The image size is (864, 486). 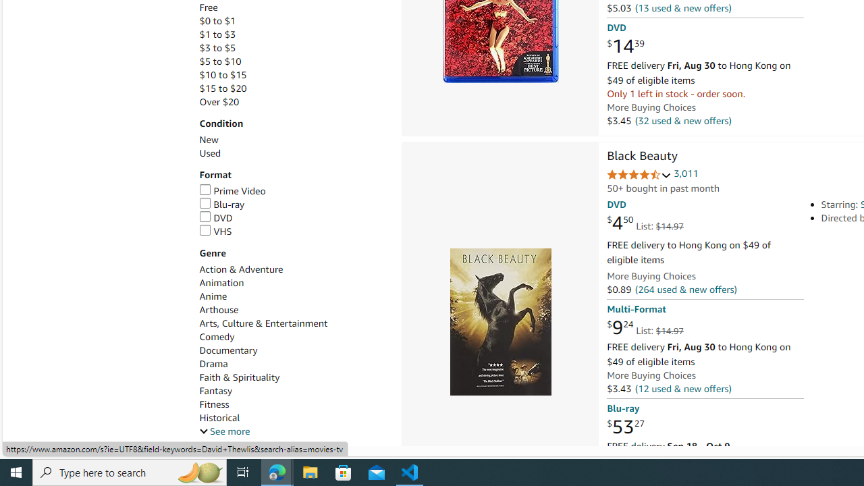 What do you see at coordinates (263, 323) in the screenshot?
I see `'Arts, Culture & Entertainment'` at bounding box center [263, 323].